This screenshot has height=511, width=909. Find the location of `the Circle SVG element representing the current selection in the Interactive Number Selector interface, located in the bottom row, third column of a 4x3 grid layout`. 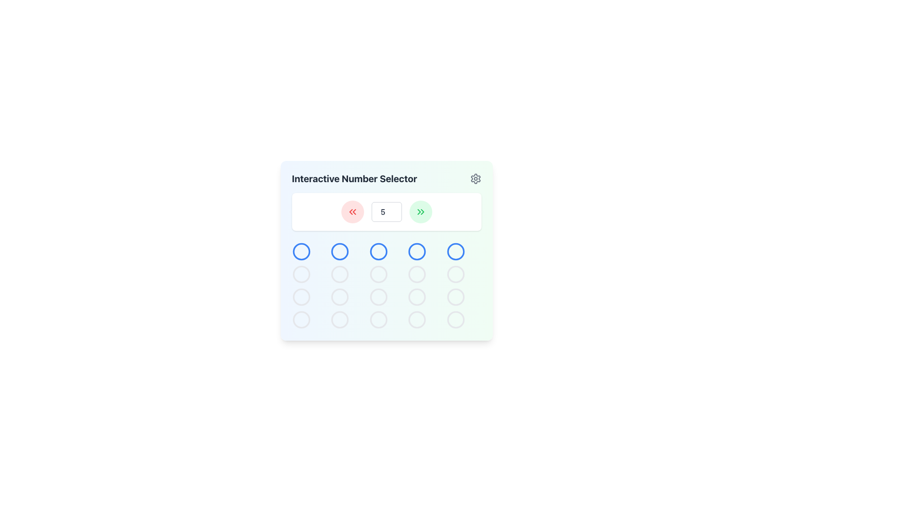

the Circle SVG element representing the current selection in the Interactive Number Selector interface, located in the bottom row, third column of a 4x3 grid layout is located at coordinates (378, 297).